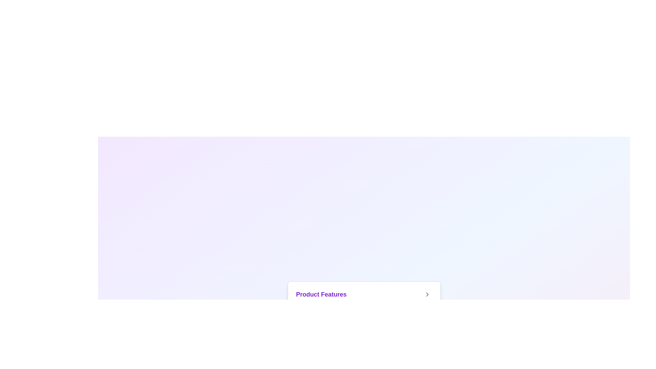 The image size is (656, 369). Describe the element at coordinates (427, 294) in the screenshot. I see `the black rightward chevron button located to the right of the 'Product Features' text` at that location.